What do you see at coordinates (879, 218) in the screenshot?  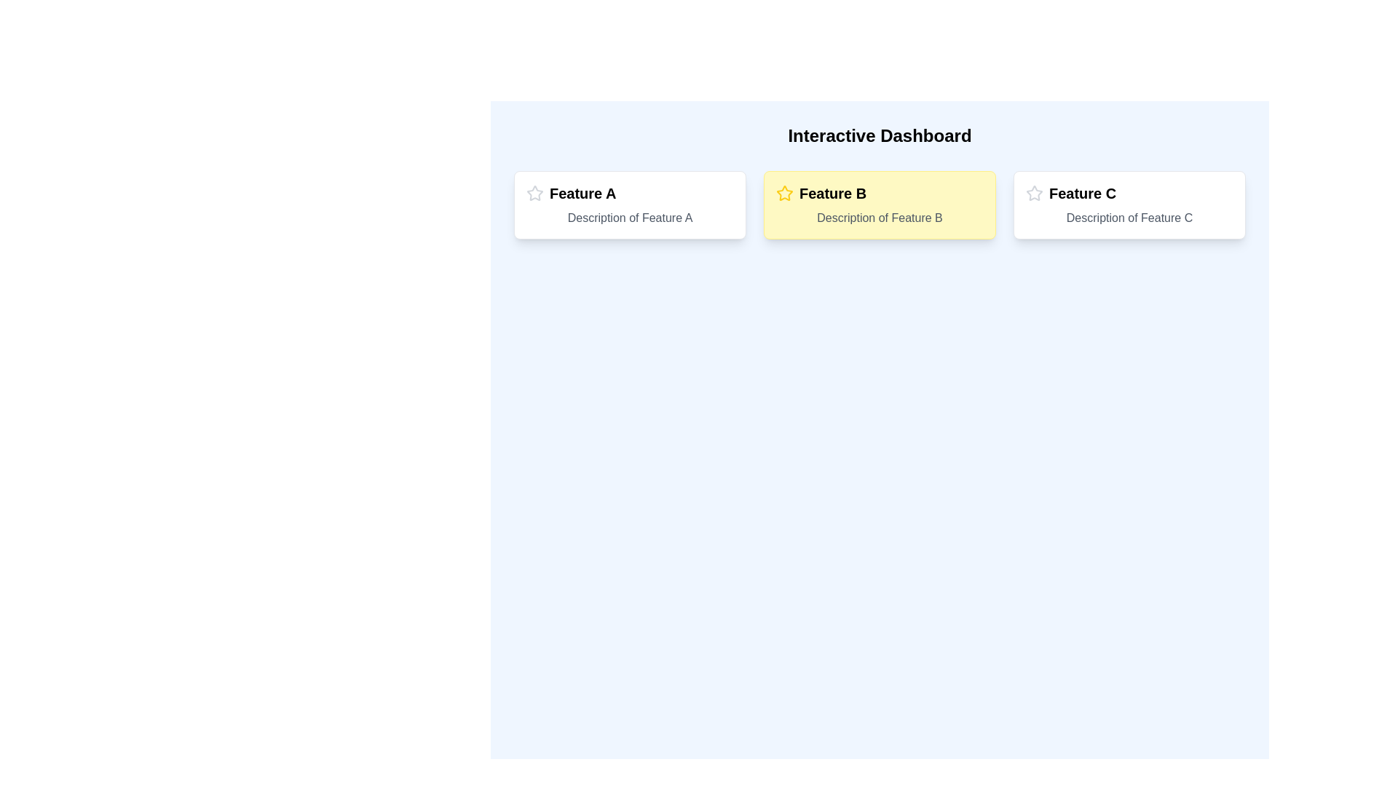 I see `the static text that reads 'Description of Feature B', styled with the class 'text-gray-600', located beneath the heading 'Feature B' in the second card` at bounding box center [879, 218].